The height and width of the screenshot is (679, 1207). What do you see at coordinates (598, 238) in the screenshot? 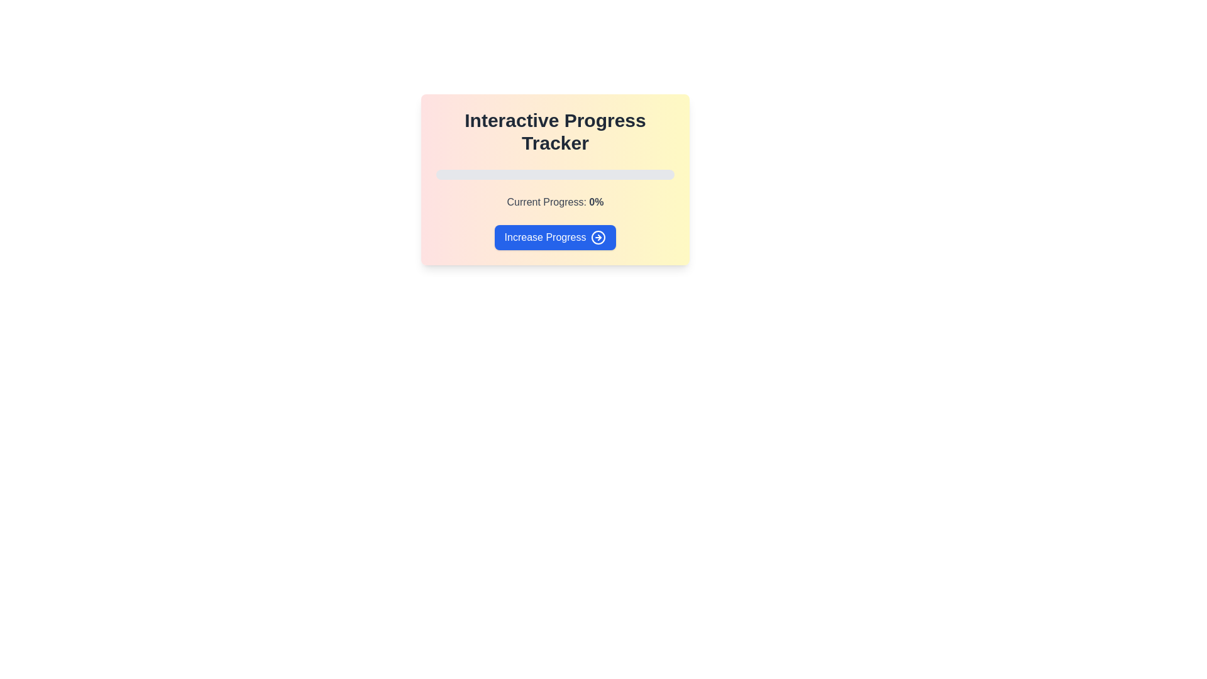
I see `the 'Increase Progress' button that contains a circular icon with a rightward-pointing arrow` at bounding box center [598, 238].